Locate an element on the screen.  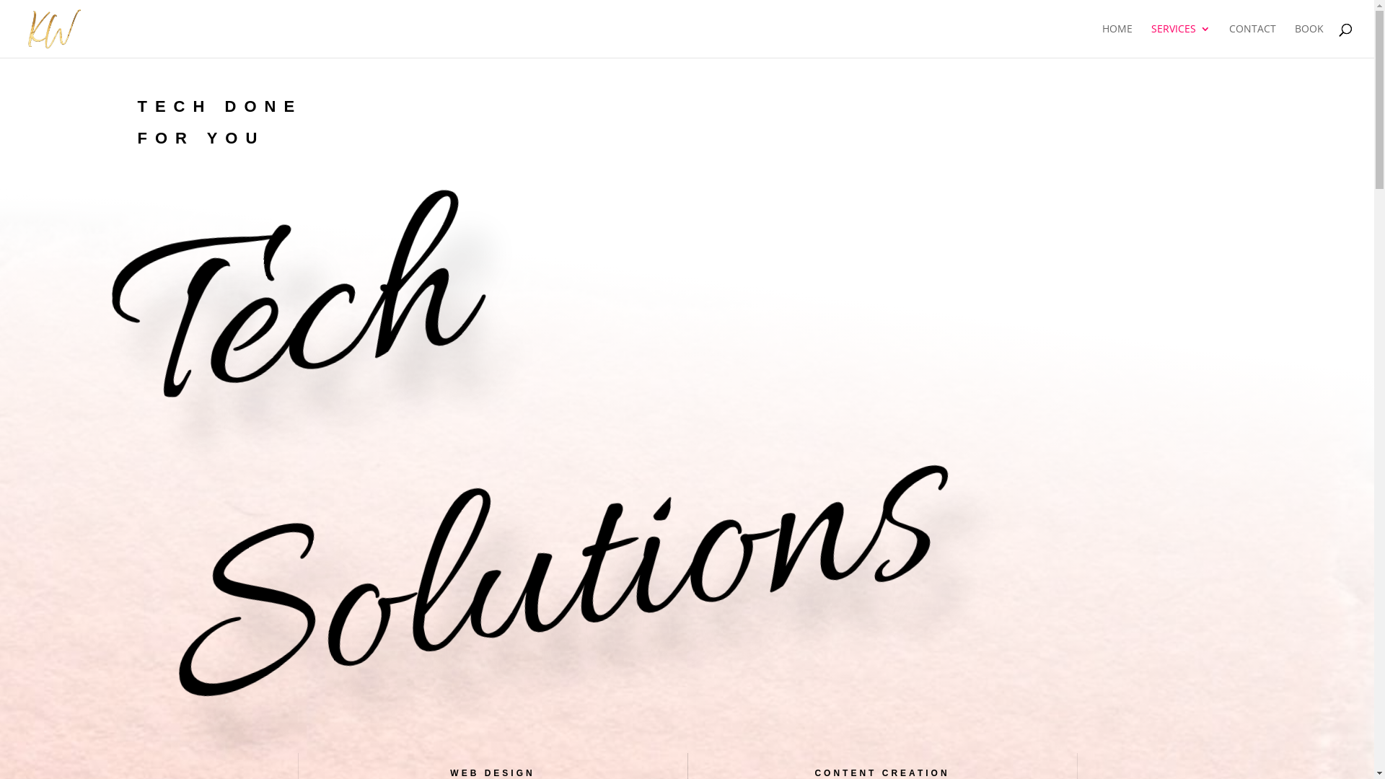
'HOME' is located at coordinates (1117, 40).